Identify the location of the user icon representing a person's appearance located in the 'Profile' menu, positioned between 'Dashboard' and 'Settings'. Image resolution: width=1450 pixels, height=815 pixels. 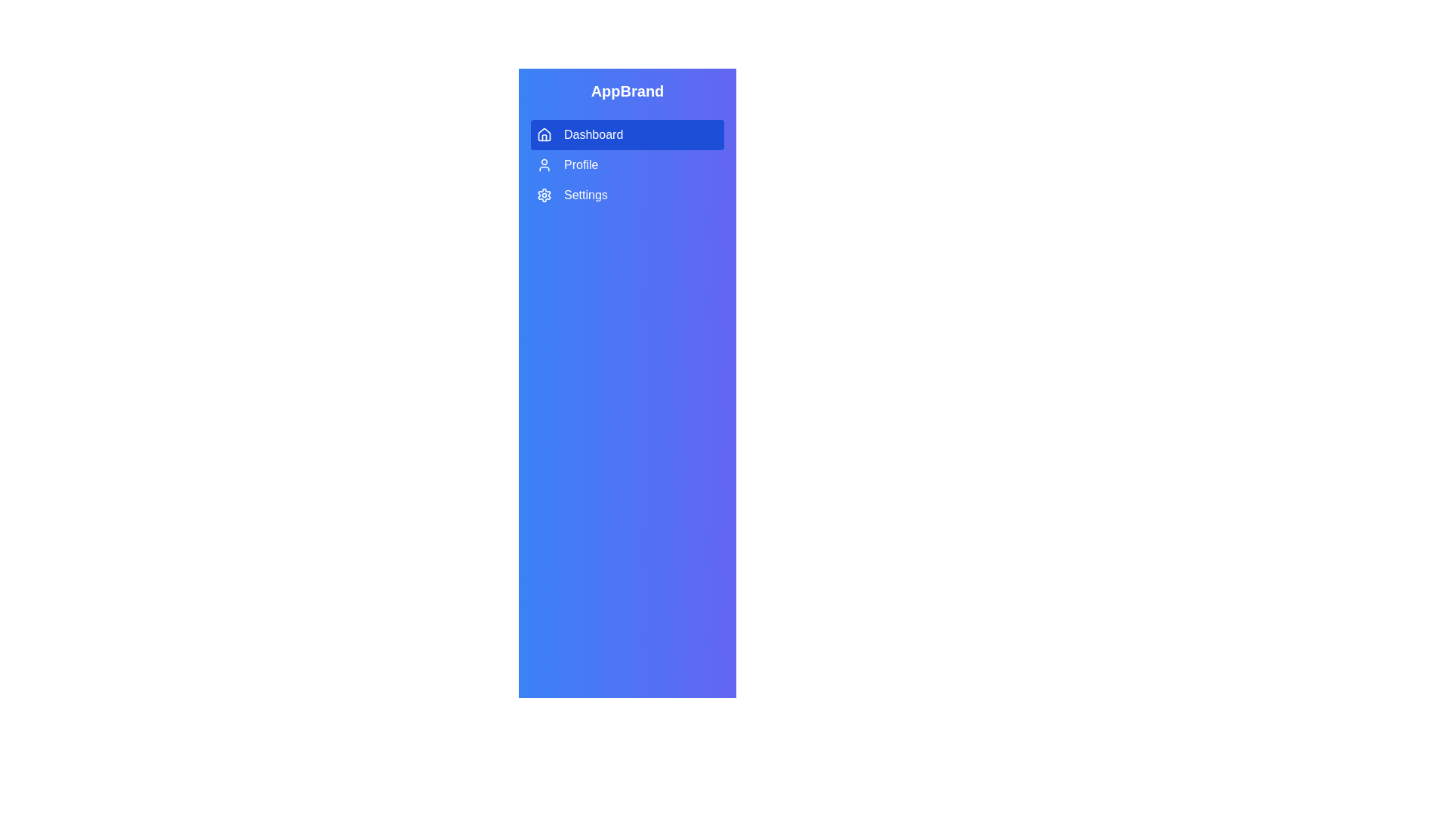
(544, 165).